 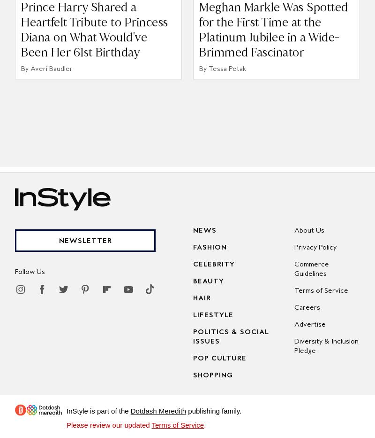 What do you see at coordinates (213, 263) in the screenshot?
I see `'Celebrity'` at bounding box center [213, 263].